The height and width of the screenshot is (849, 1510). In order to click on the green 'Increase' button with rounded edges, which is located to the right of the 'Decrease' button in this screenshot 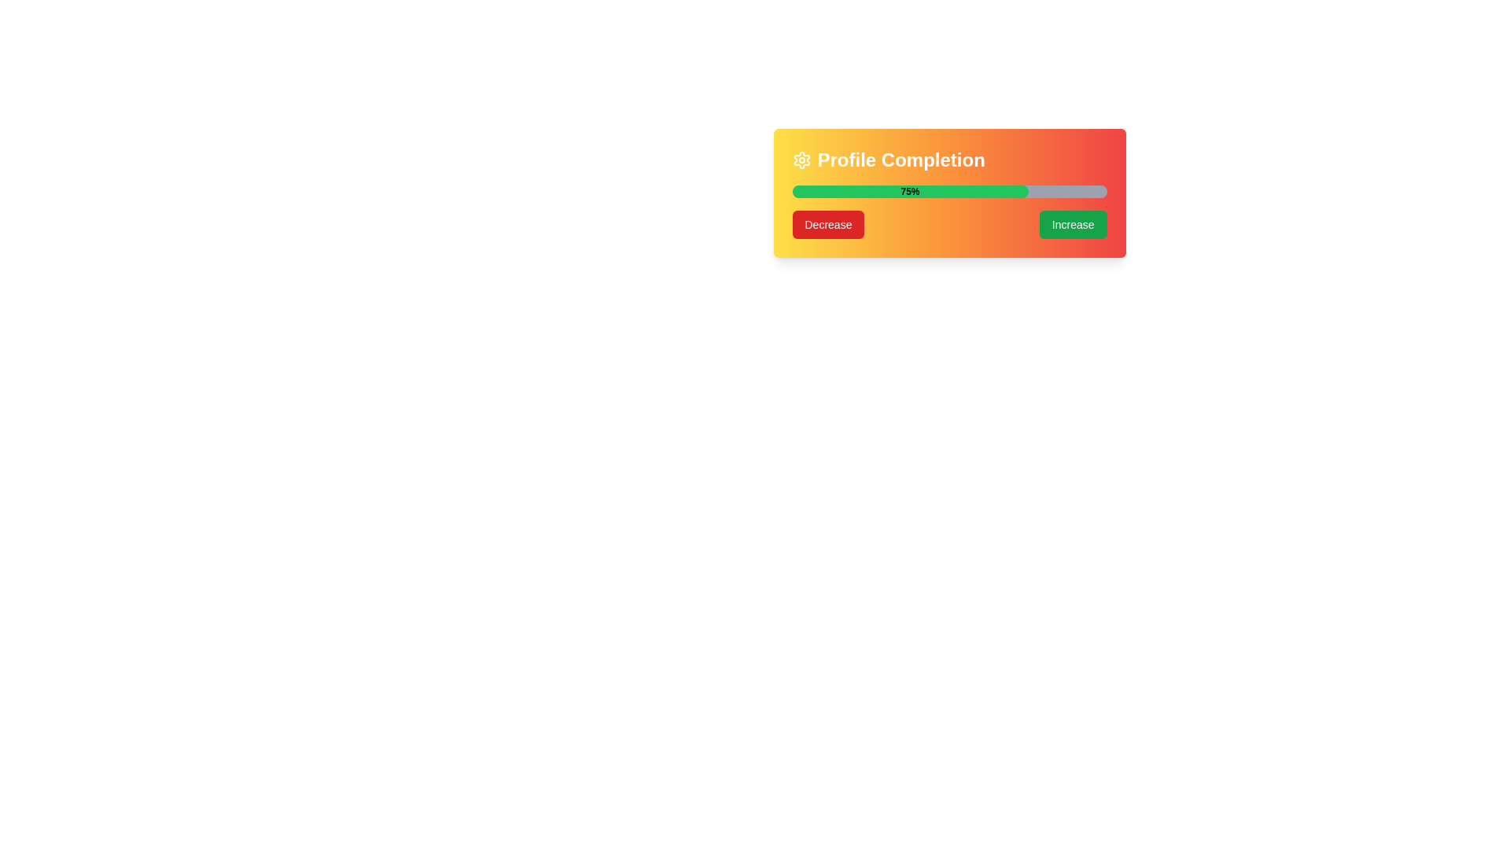, I will do `click(1072, 224)`.